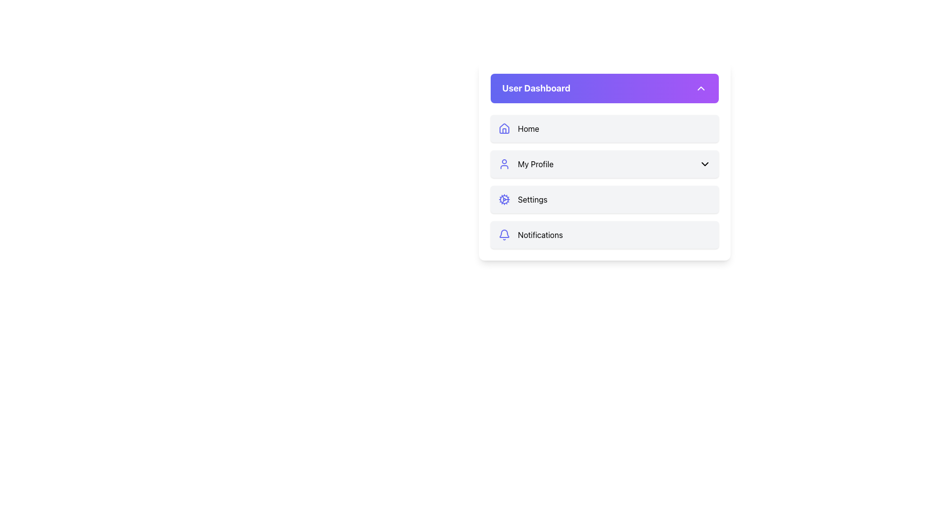  What do you see at coordinates (700, 88) in the screenshot?
I see `the small upward-pointing chevron icon button located on the far right side of the purple header bar labeled 'User Dashboard'` at bounding box center [700, 88].